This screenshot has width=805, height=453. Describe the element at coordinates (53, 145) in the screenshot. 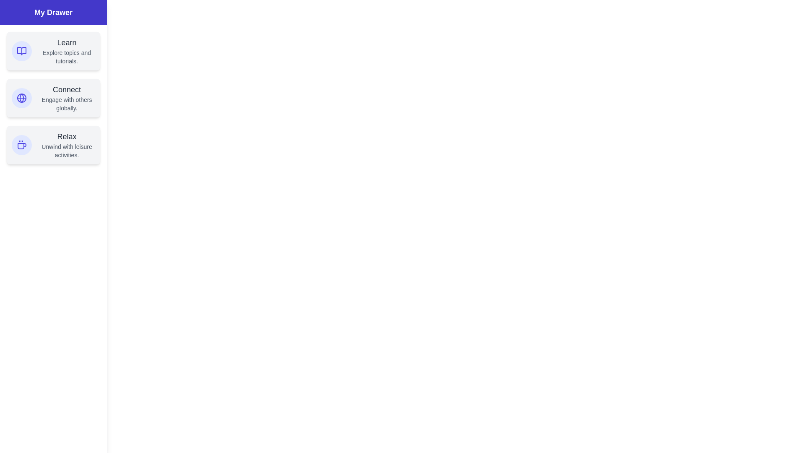

I see `the section Relax in the drawer` at that location.